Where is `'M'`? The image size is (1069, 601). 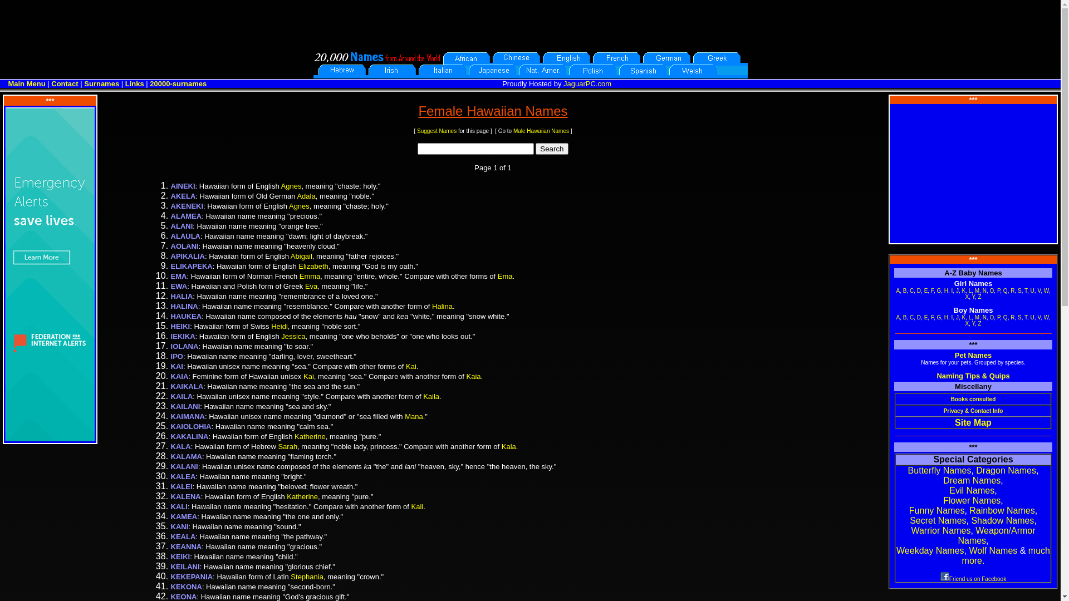 'M' is located at coordinates (977, 317).